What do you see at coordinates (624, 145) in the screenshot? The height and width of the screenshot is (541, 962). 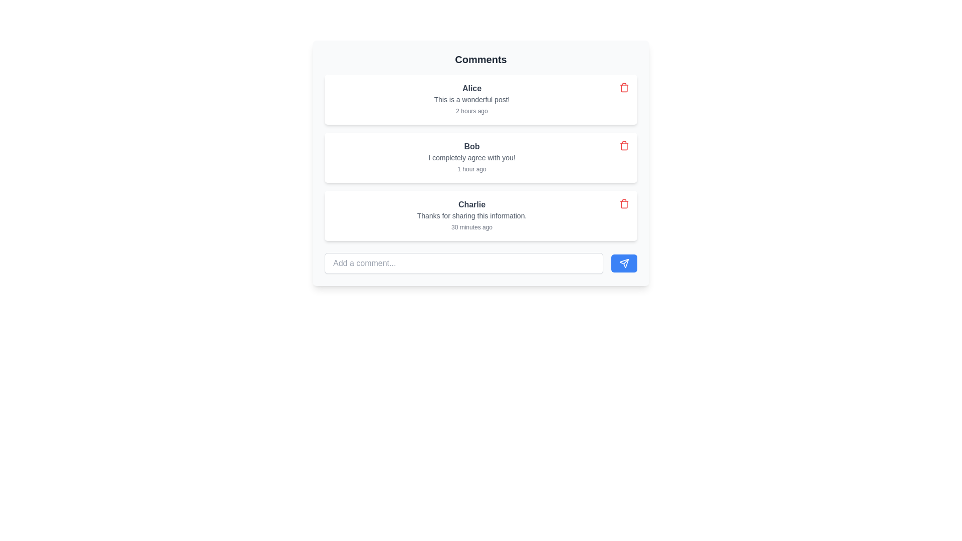 I see `the trash icon button on the right end of the comment box associated with user 'Bob'` at bounding box center [624, 145].